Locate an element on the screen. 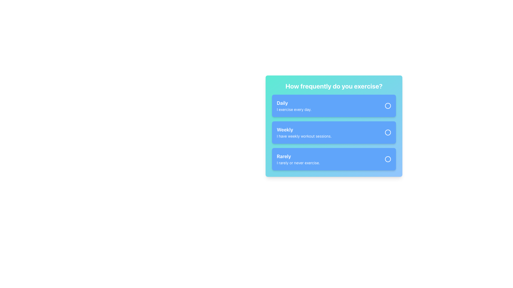  the radio button circle for the 'Weekly' option is located at coordinates (388, 132).